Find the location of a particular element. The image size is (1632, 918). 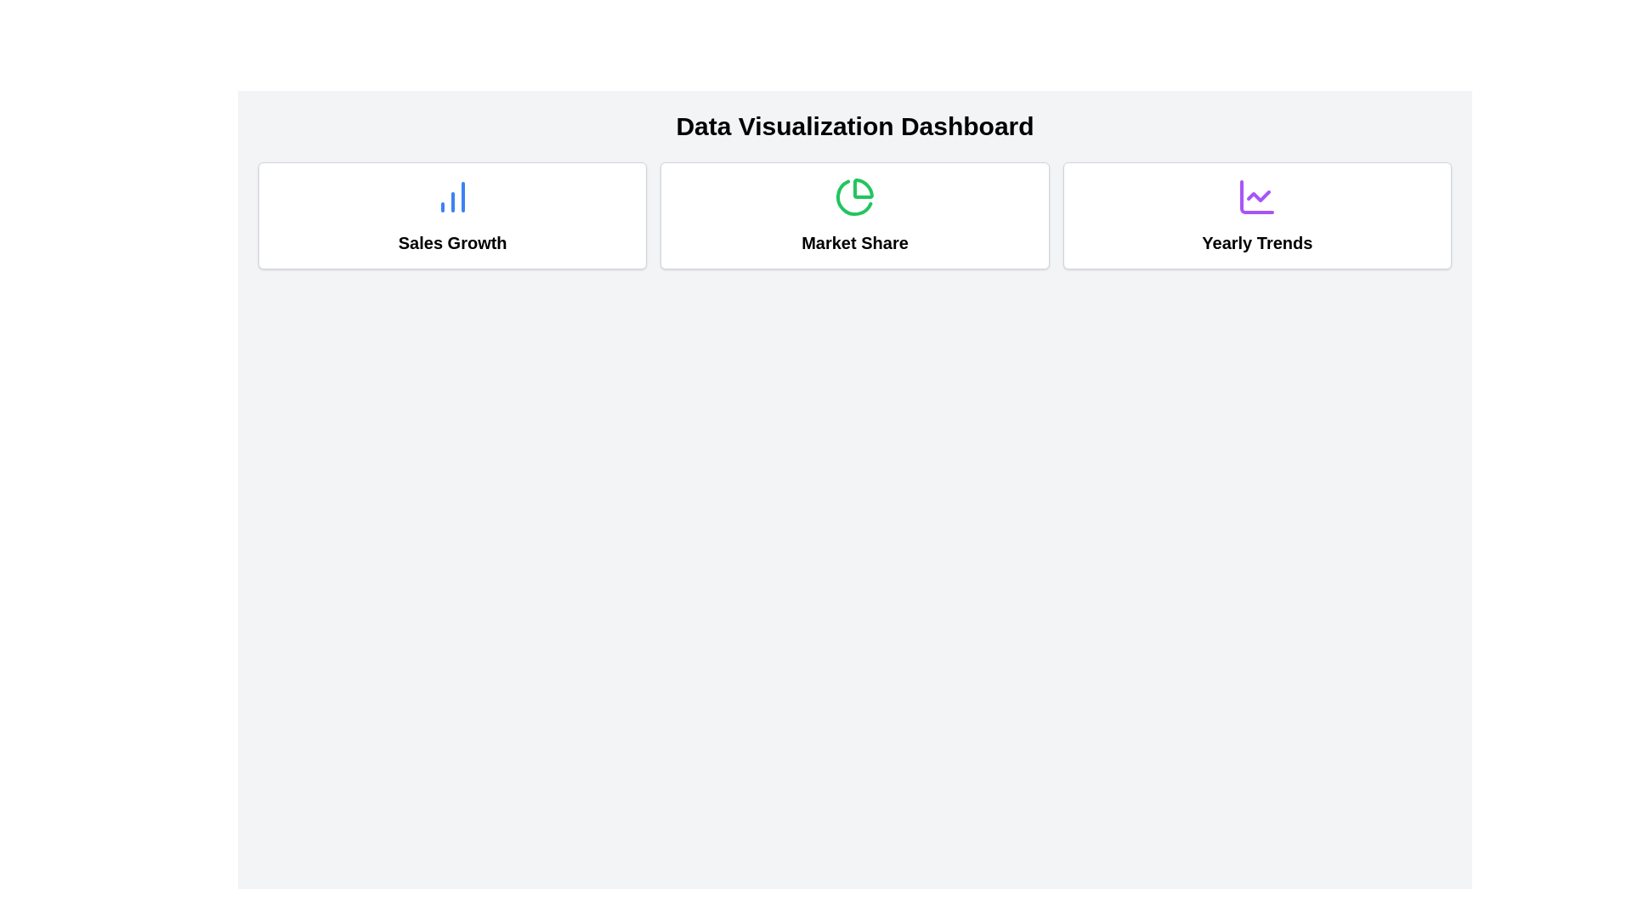

the 'Yearly Trends' icon located within the third card of the 'Data Visualization Dashboard' is located at coordinates (1257, 195).